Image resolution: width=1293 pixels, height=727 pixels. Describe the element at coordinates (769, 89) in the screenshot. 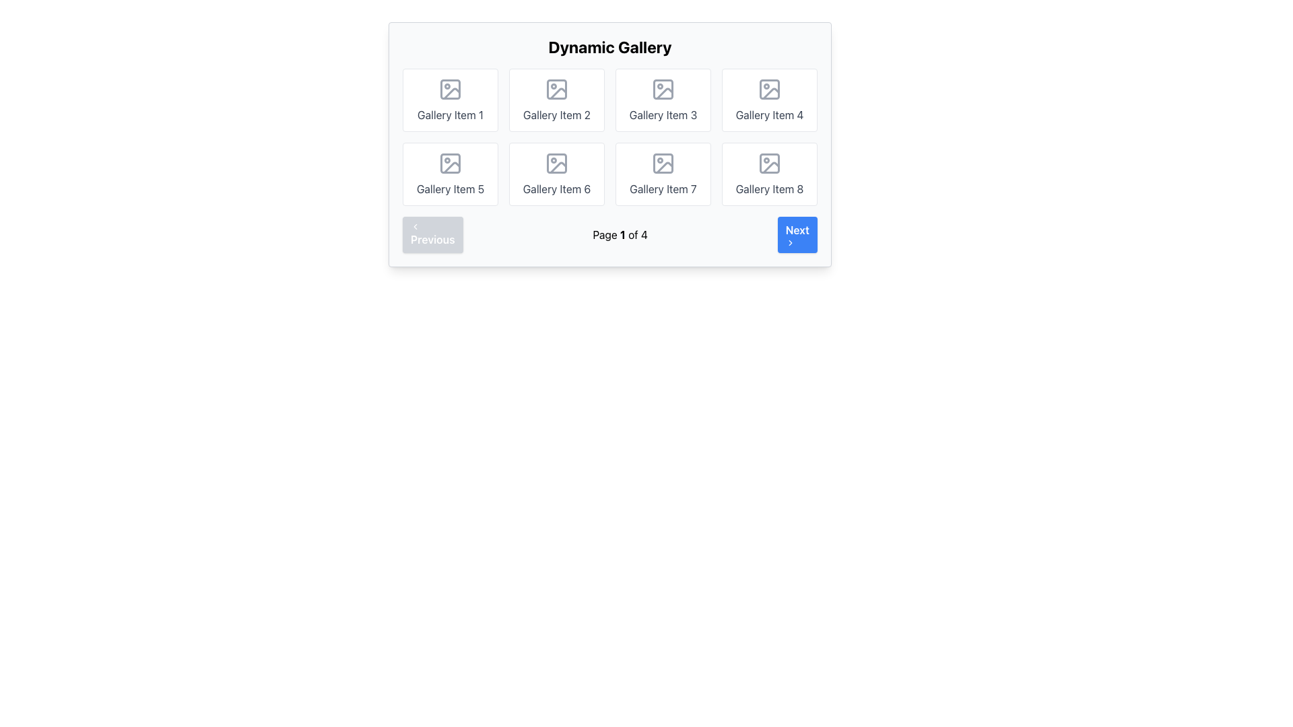

I see `the gallery item icon located in the upper-right corner of the gallery grid, adjacent to 'Gallery Item 4'` at that location.